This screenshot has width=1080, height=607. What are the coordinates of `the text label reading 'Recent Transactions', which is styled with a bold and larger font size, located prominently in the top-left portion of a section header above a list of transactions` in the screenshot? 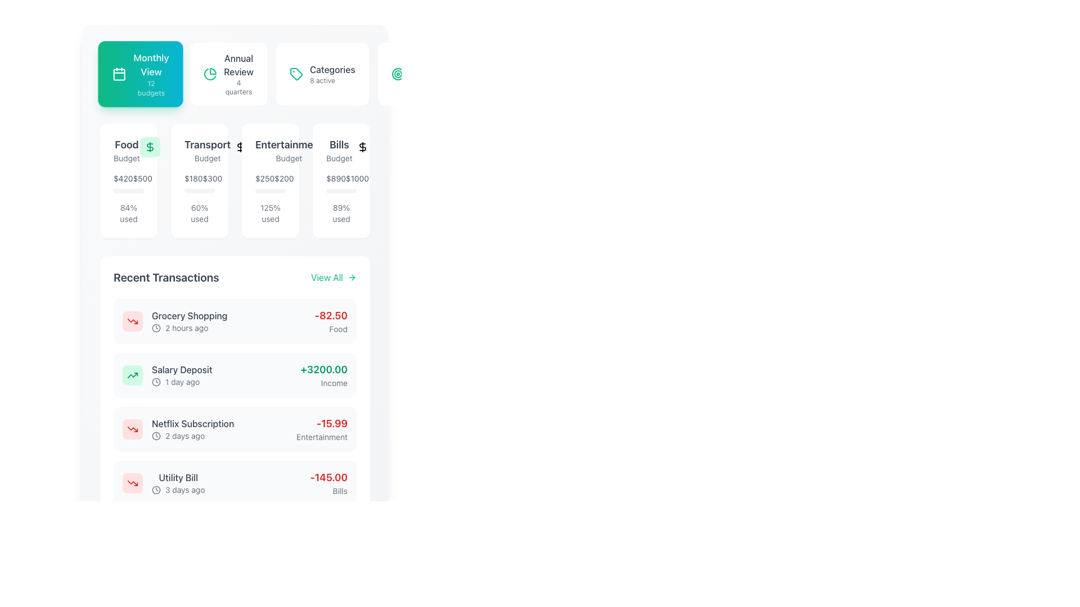 It's located at (165, 277).